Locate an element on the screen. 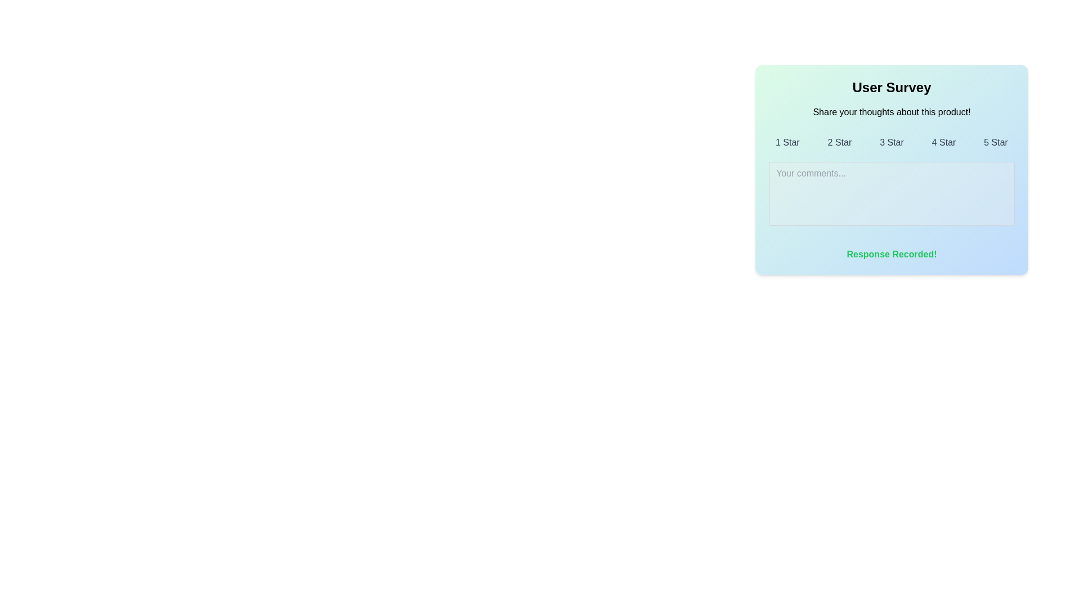  the confirmation message in the 'User Survey' card that indicates the user's response has been successfully recorded is located at coordinates (891, 254).